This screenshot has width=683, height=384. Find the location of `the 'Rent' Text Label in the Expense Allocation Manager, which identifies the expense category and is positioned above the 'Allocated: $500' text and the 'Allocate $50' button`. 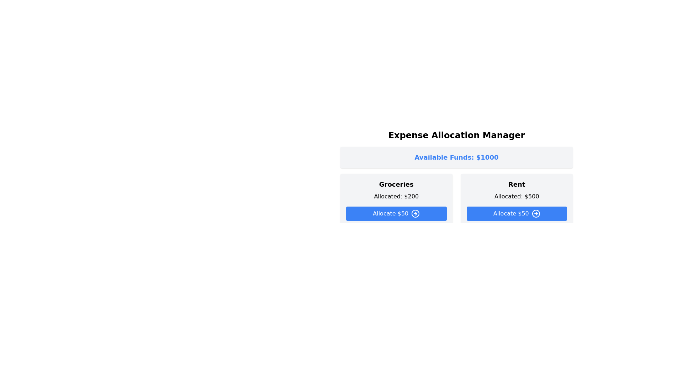

the 'Rent' Text Label in the Expense Allocation Manager, which identifies the expense category and is positioned above the 'Allocated: $500' text and the 'Allocate $50' button is located at coordinates (517, 184).